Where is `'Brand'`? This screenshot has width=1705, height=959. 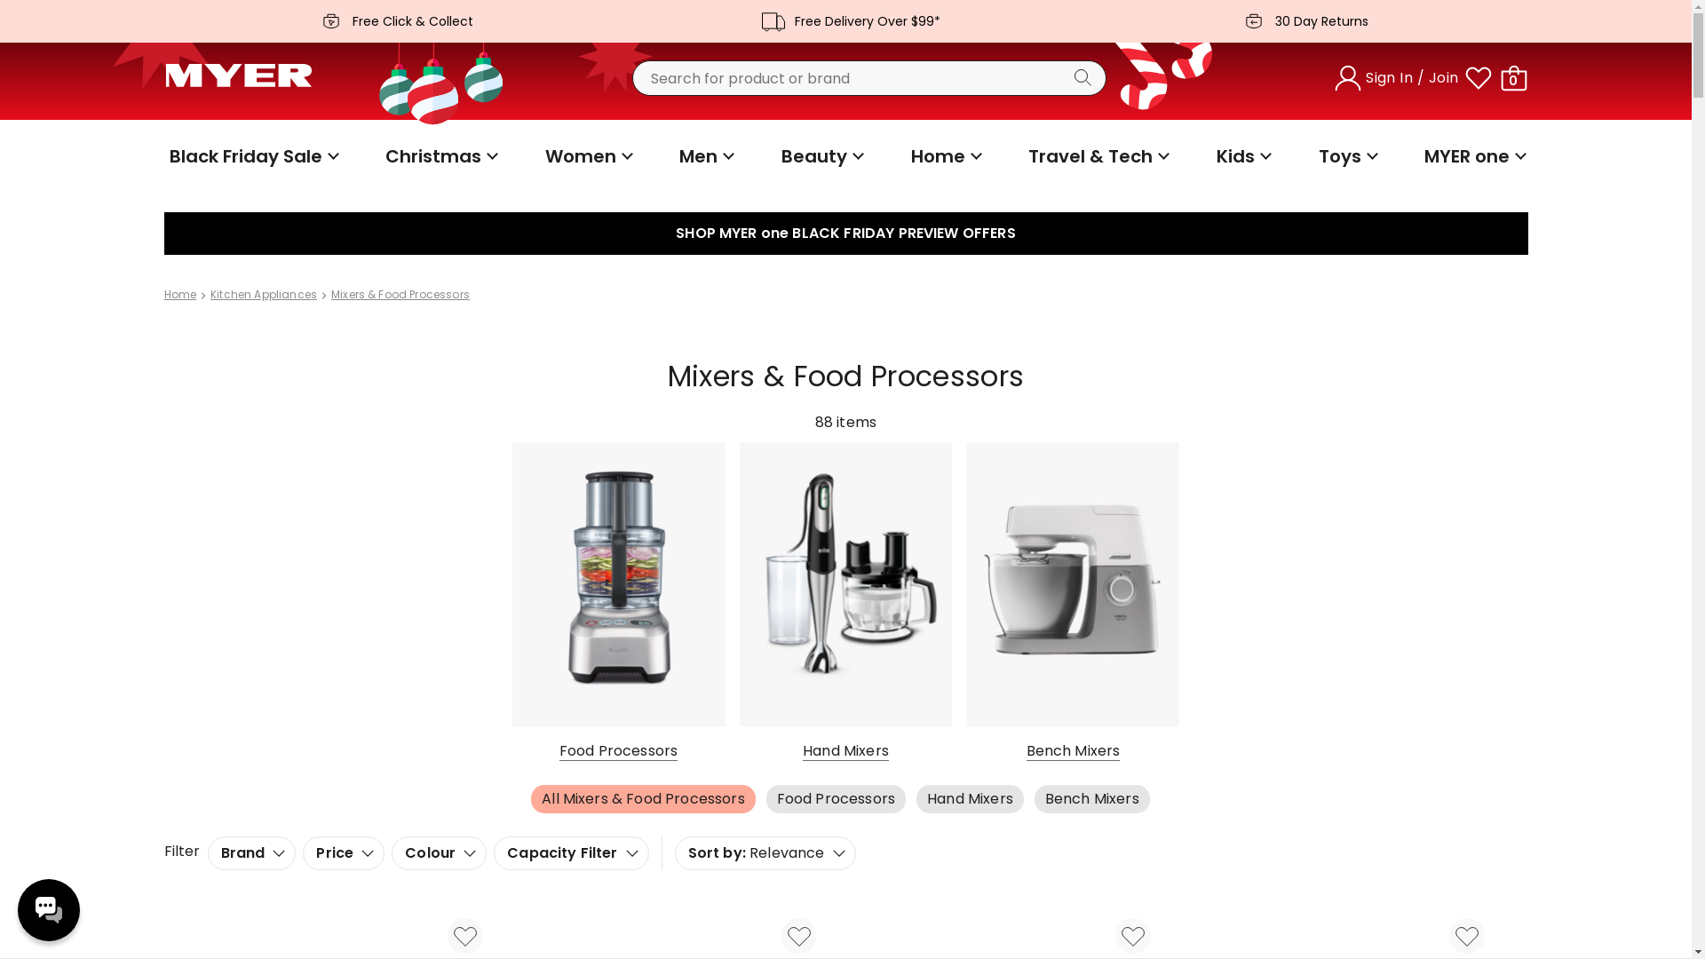
'Brand' is located at coordinates (250, 852).